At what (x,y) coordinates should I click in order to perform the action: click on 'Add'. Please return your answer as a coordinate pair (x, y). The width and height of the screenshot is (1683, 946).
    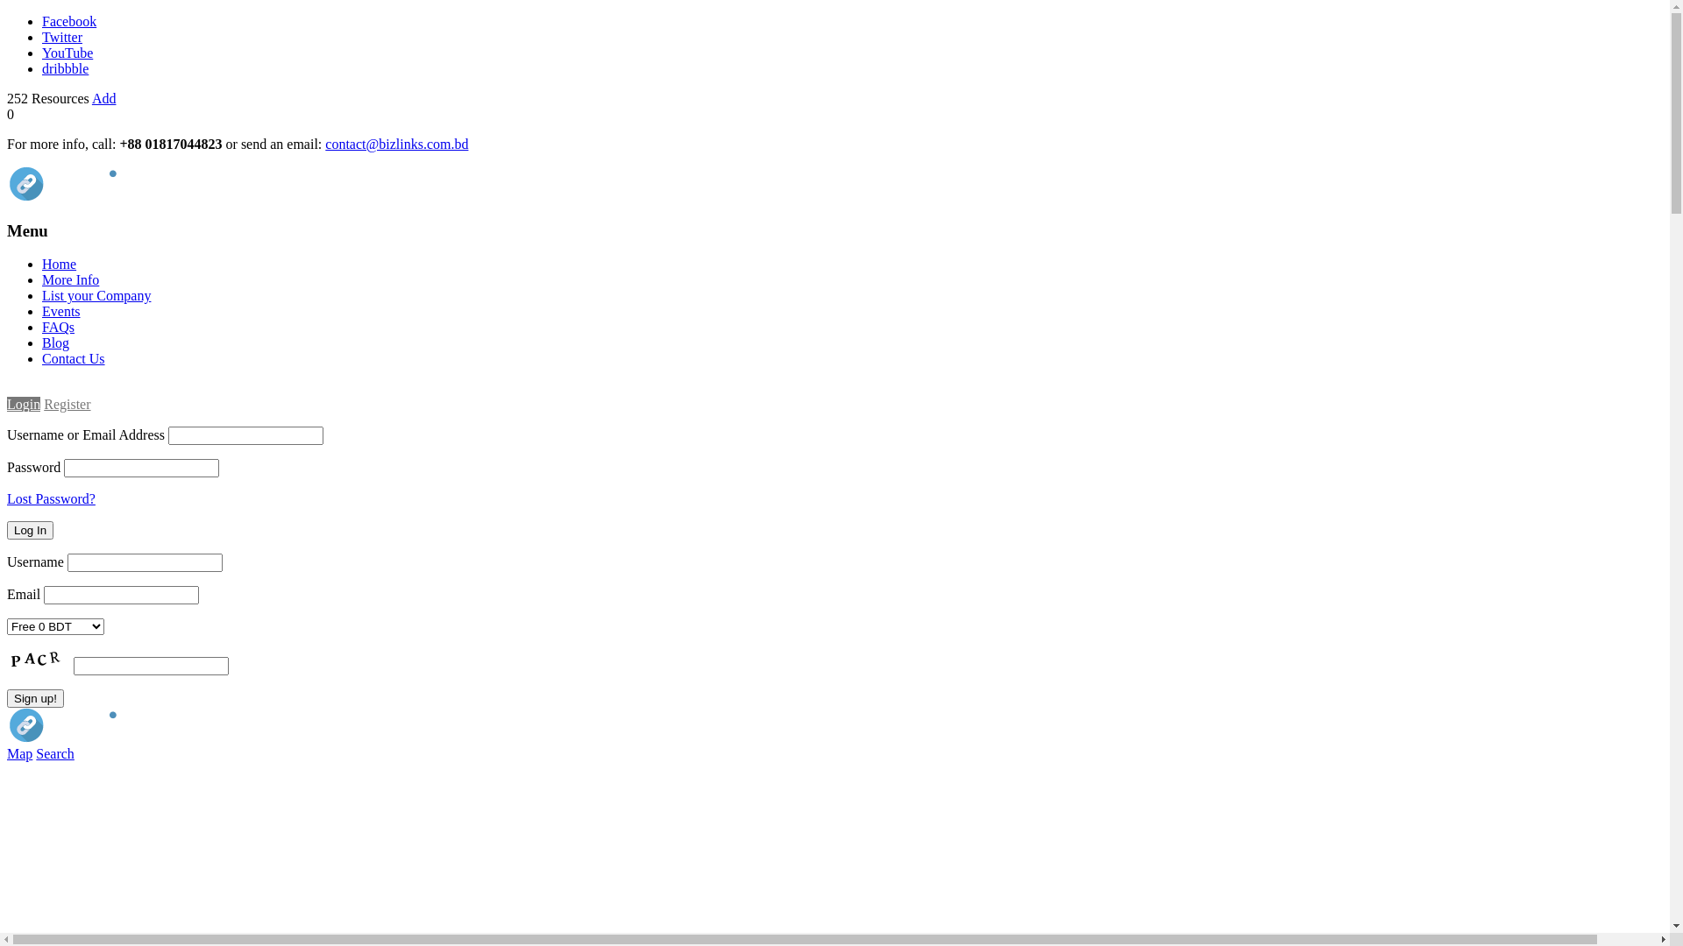
    Looking at the image, I should click on (103, 98).